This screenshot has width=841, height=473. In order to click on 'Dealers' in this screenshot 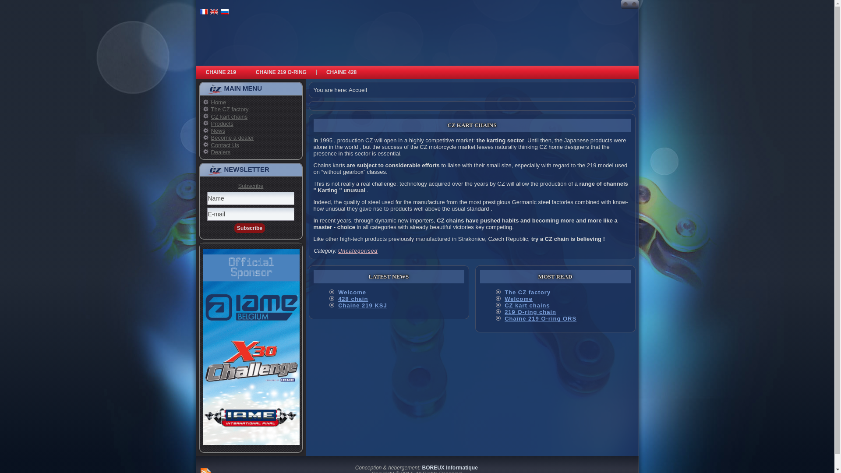, I will do `click(211, 152)`.